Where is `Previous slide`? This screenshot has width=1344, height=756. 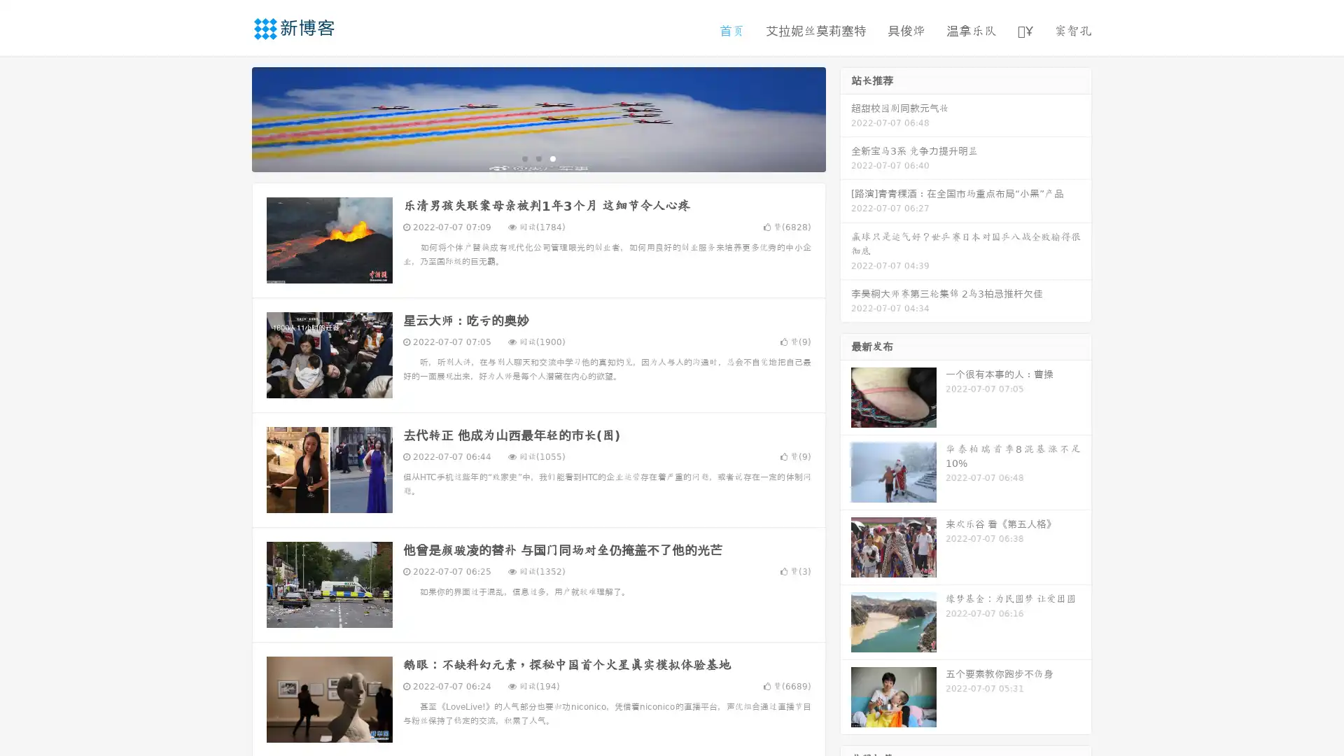
Previous slide is located at coordinates (231, 118).